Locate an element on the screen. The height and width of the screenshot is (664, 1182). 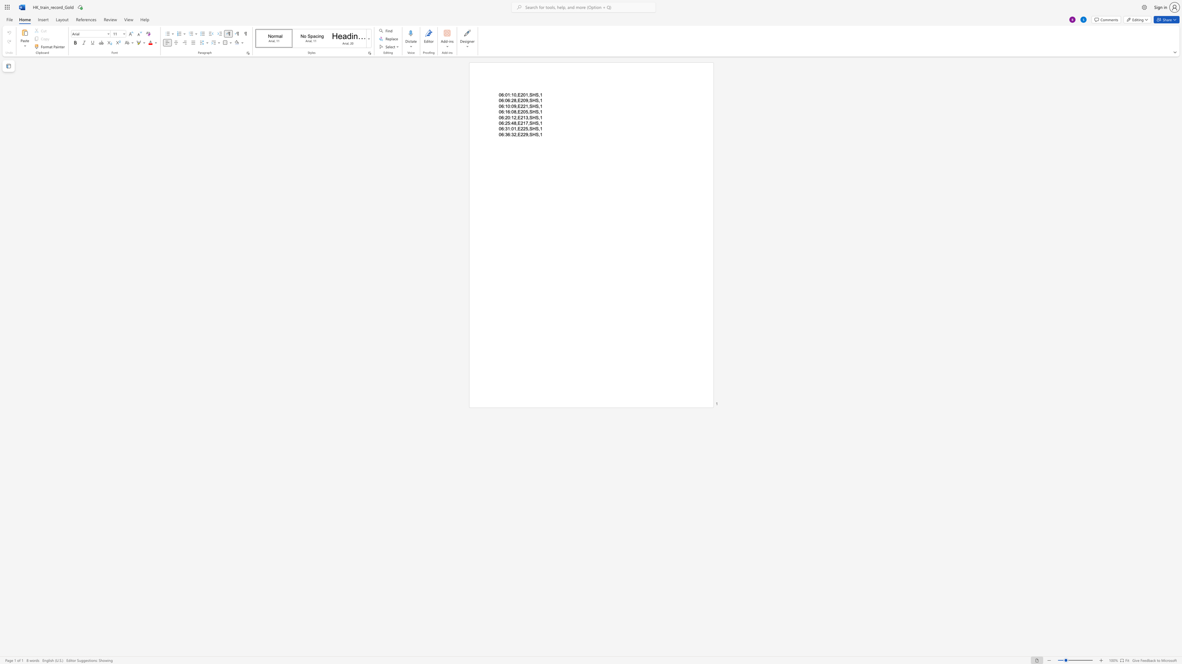
the 1th character ":" in the text is located at coordinates (504, 123).